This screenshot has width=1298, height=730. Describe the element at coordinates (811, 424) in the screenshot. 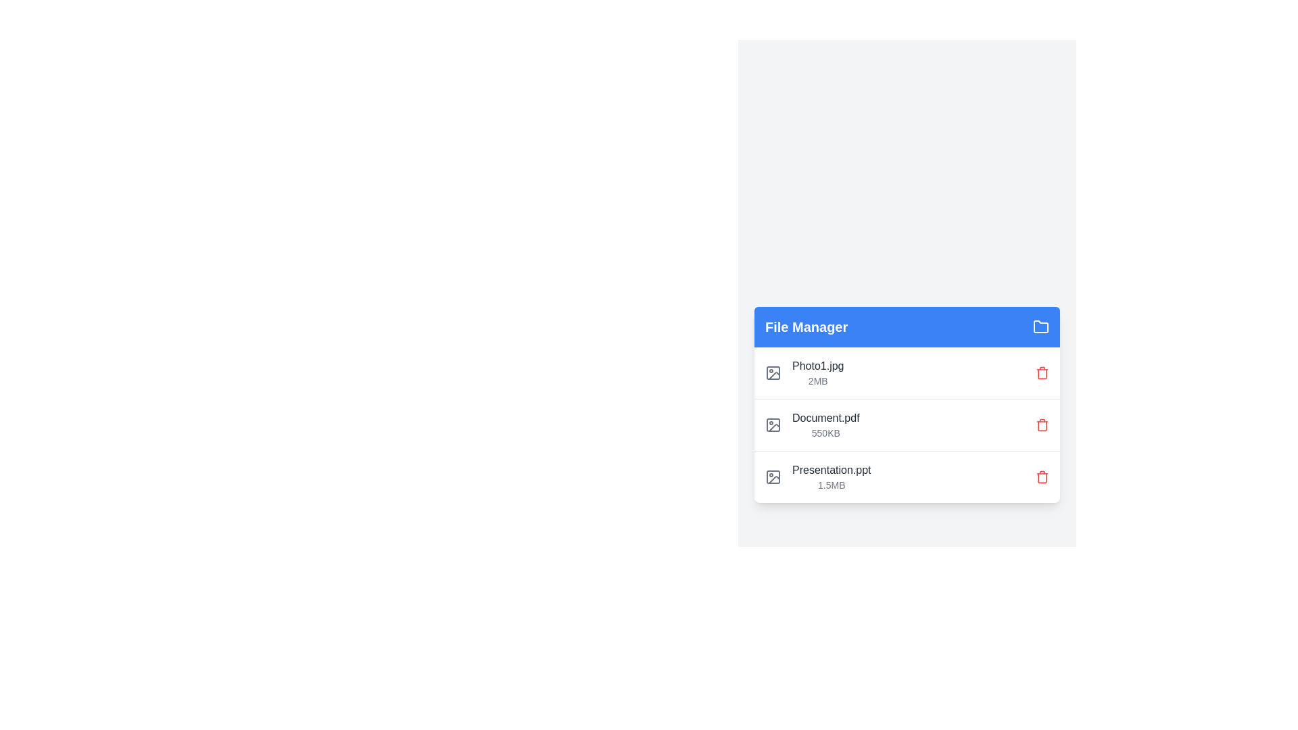

I see `to select the second file entry in the File Manager, which displays the file name and size, located below 'Photo1.jpg' and above 'Presentation.ppt'` at that location.